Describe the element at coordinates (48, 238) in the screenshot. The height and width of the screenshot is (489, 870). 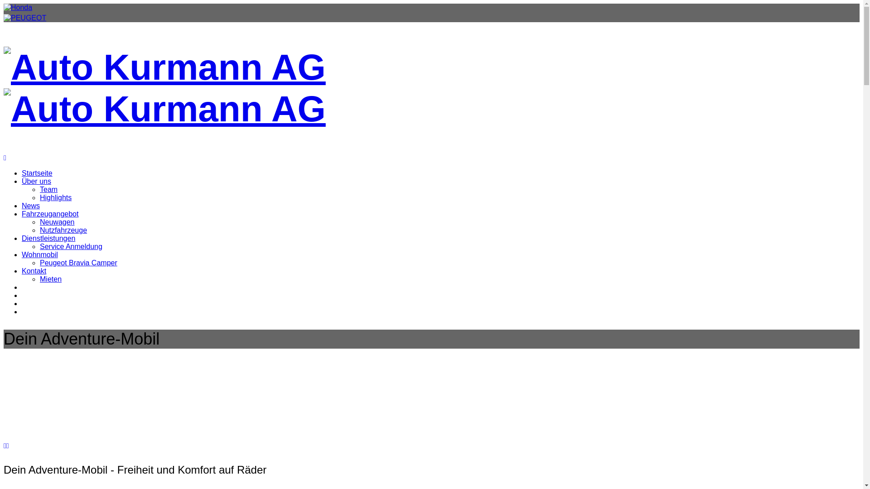
I see `'Dienstleistungen'` at that location.